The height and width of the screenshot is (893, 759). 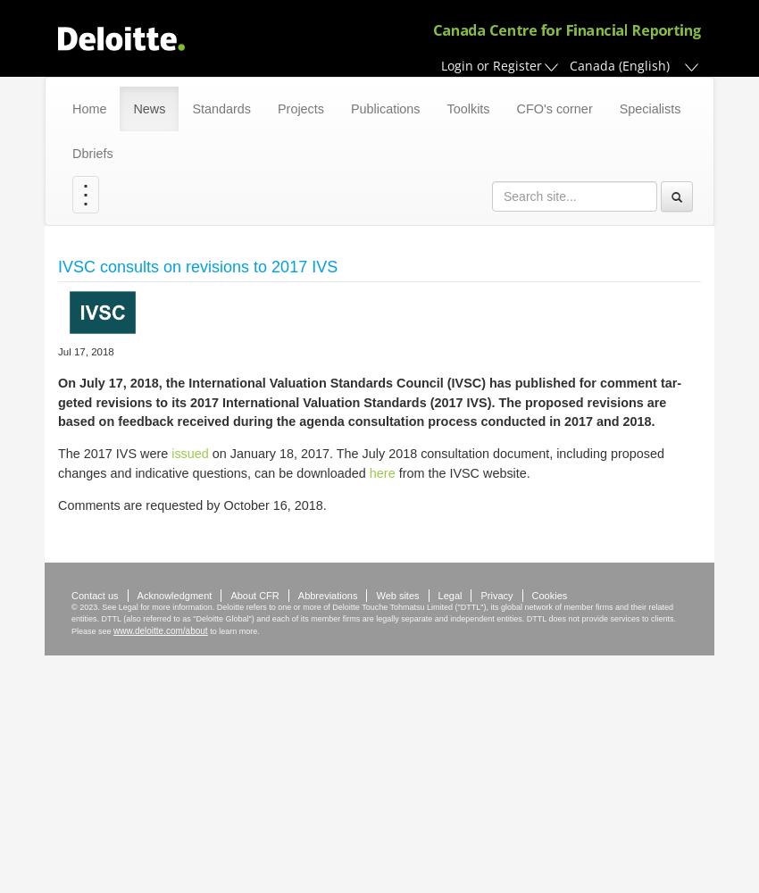 What do you see at coordinates (91, 154) in the screenshot?
I see `'Dbriefs'` at bounding box center [91, 154].